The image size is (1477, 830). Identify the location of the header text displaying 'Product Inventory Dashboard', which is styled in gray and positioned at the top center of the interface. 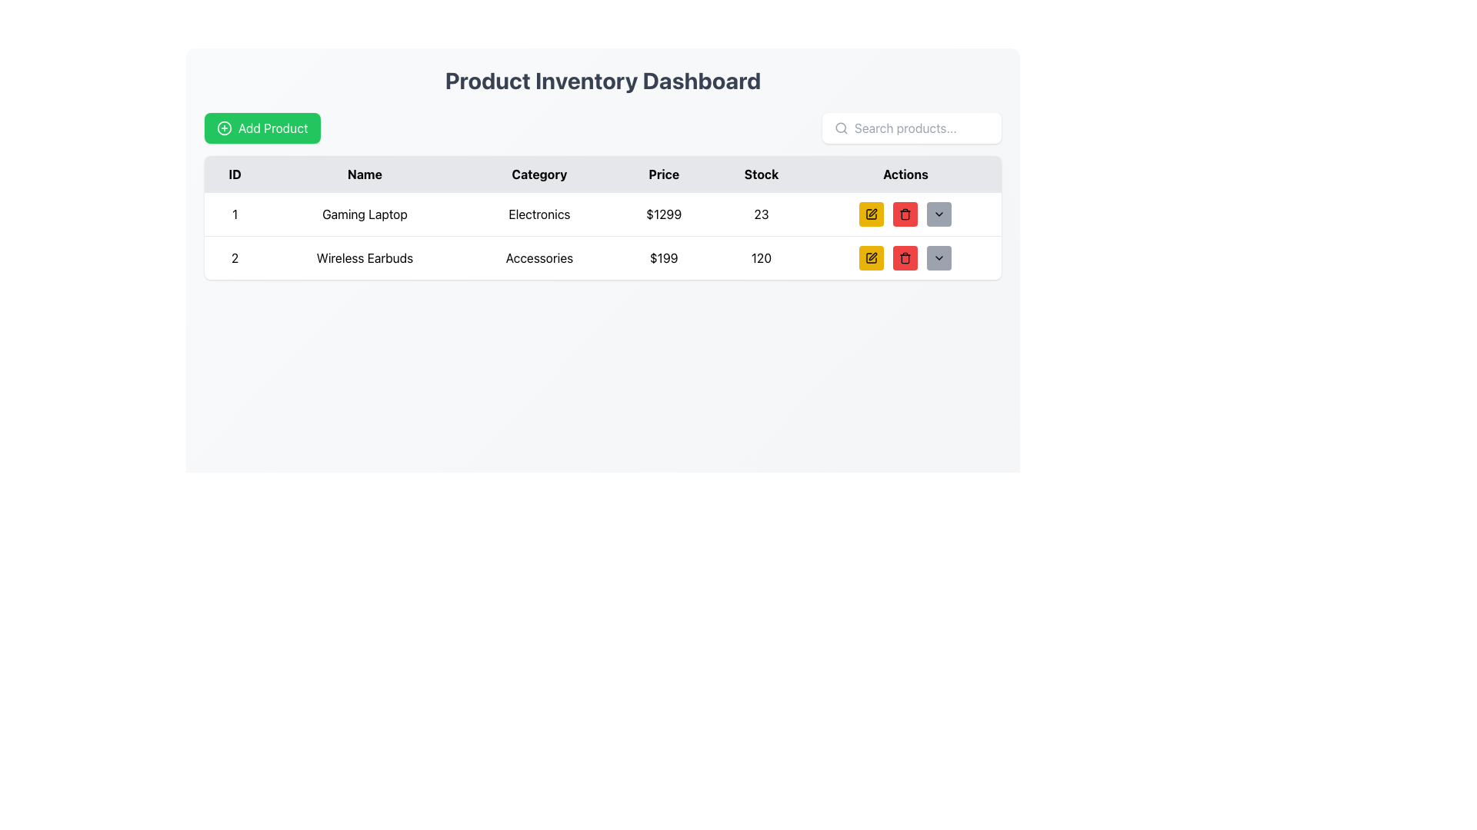
(602, 80).